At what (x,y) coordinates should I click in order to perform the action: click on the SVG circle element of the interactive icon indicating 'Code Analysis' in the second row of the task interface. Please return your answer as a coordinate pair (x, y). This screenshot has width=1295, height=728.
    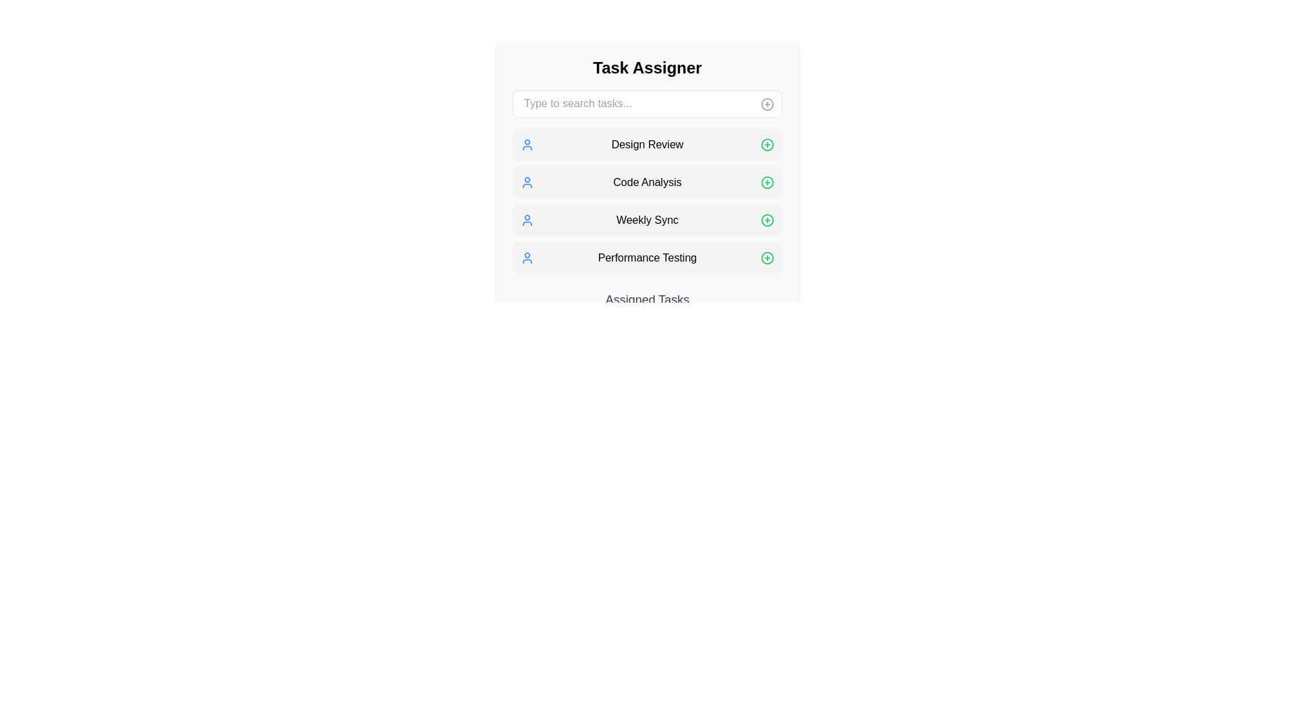
    Looking at the image, I should click on (767, 182).